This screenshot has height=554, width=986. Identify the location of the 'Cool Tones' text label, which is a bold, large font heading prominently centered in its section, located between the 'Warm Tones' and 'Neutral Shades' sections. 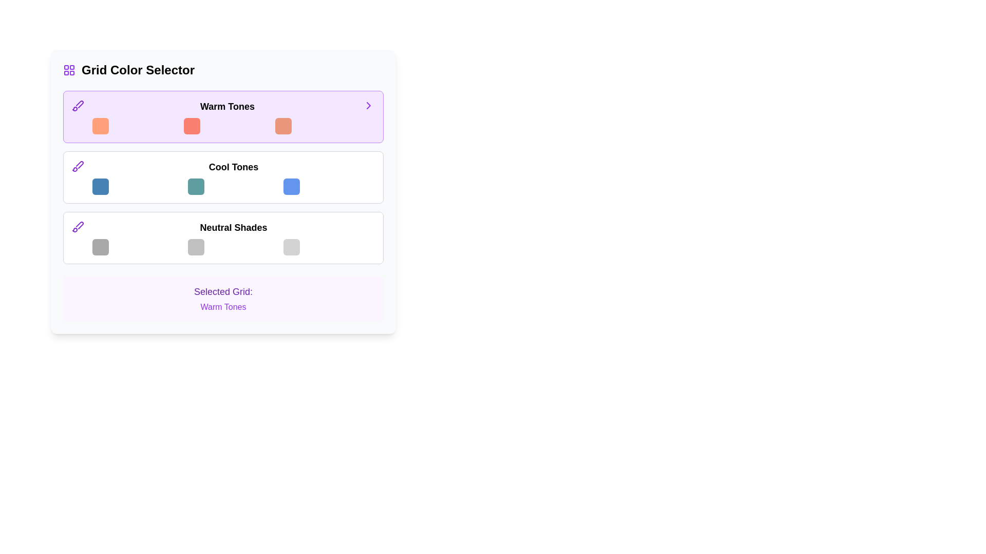
(233, 167).